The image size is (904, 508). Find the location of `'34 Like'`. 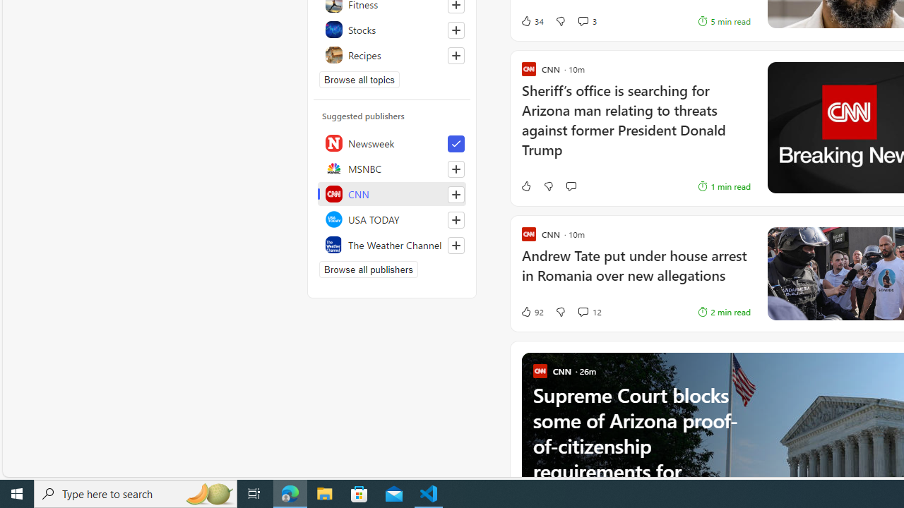

'34 Like' is located at coordinates (531, 21).